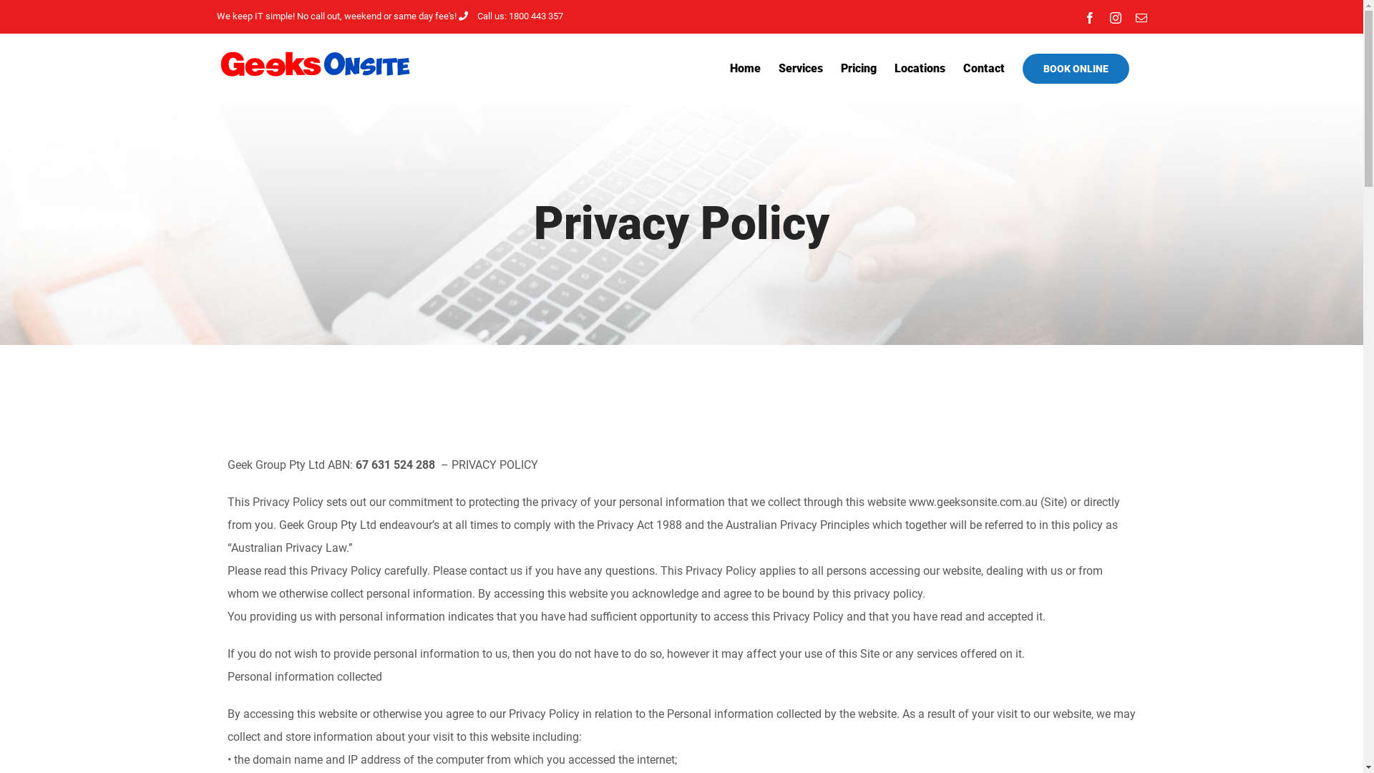 Image resolution: width=1374 pixels, height=773 pixels. I want to click on 'Facebook', so click(1088, 16).